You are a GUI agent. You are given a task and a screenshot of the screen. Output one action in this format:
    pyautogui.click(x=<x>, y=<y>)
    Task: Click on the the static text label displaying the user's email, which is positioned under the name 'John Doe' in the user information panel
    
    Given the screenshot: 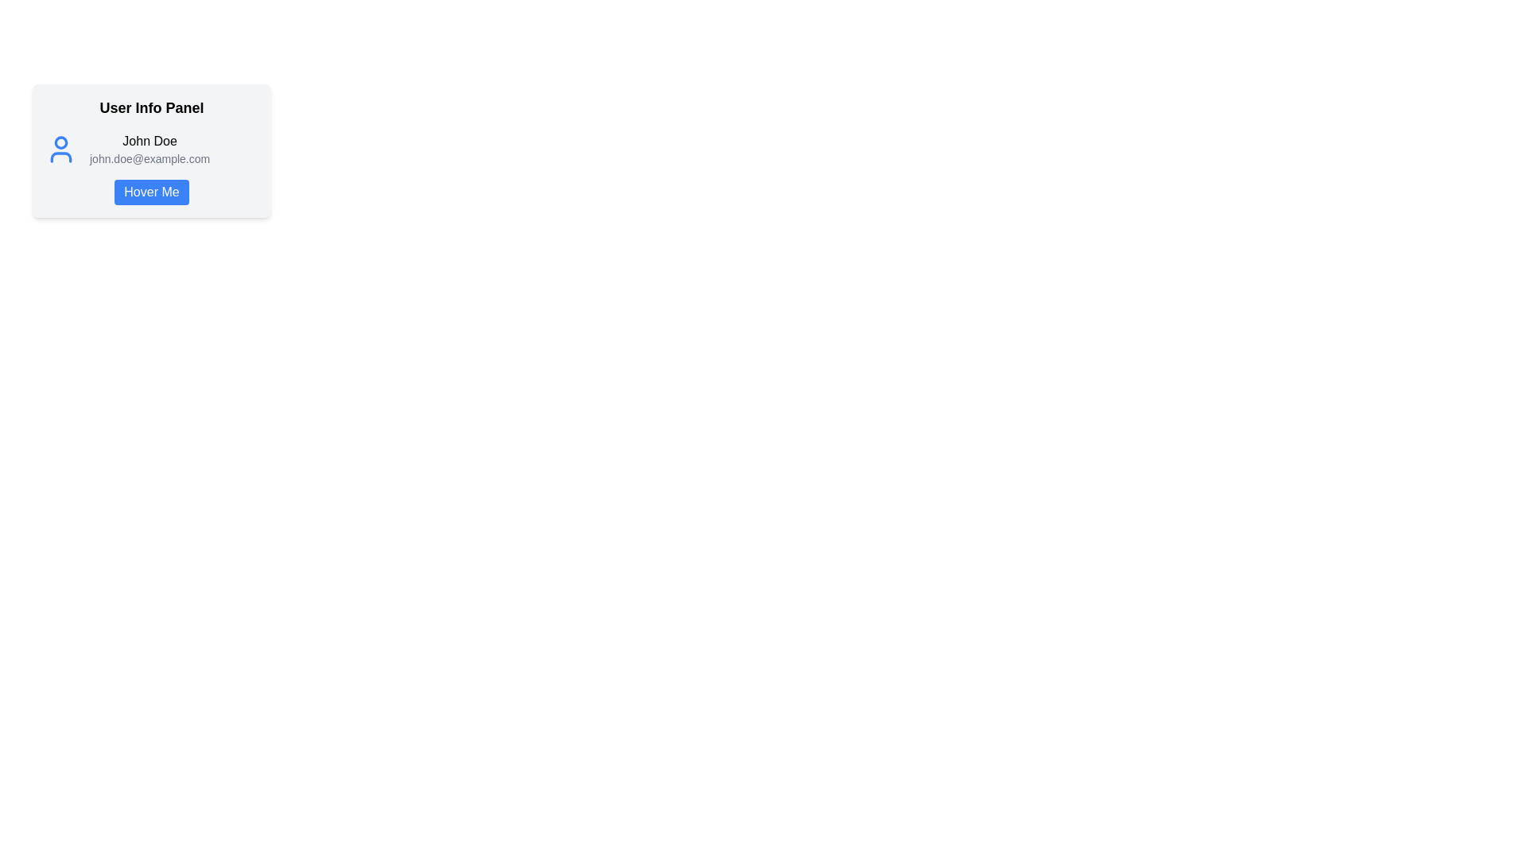 What is the action you would take?
    pyautogui.click(x=150, y=159)
    